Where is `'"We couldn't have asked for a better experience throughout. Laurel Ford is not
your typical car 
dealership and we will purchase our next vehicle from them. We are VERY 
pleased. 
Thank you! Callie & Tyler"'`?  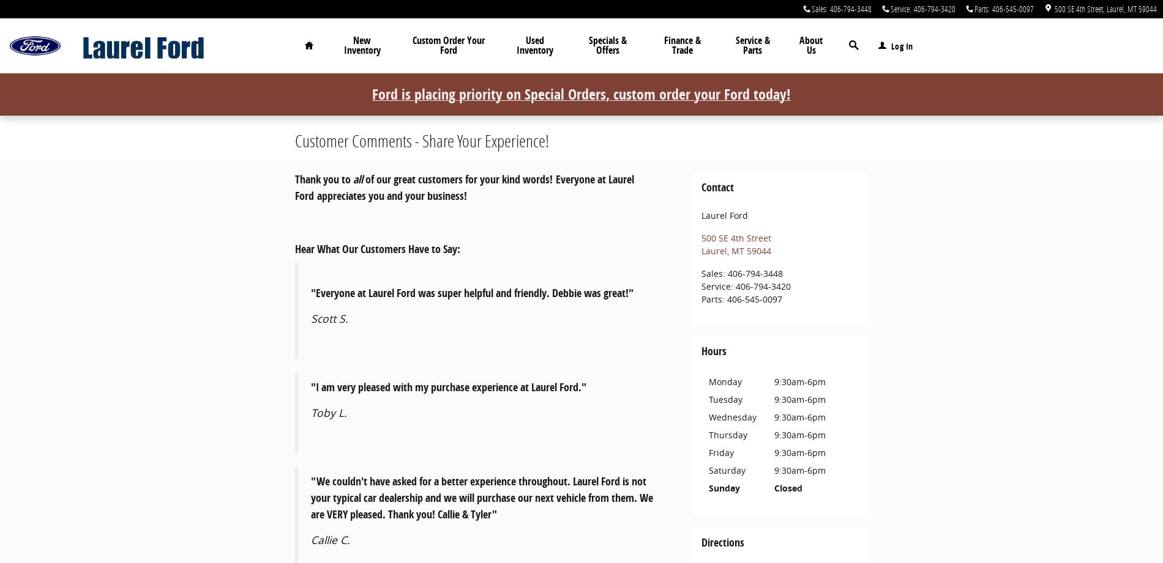
'"We couldn't have asked for a better experience throughout. Laurel Ford is not
your typical car 
dealership and we will purchase our next vehicle from them. We are VERY 
pleased. 
Thank you! Callie & Tyler"' is located at coordinates (481, 496).